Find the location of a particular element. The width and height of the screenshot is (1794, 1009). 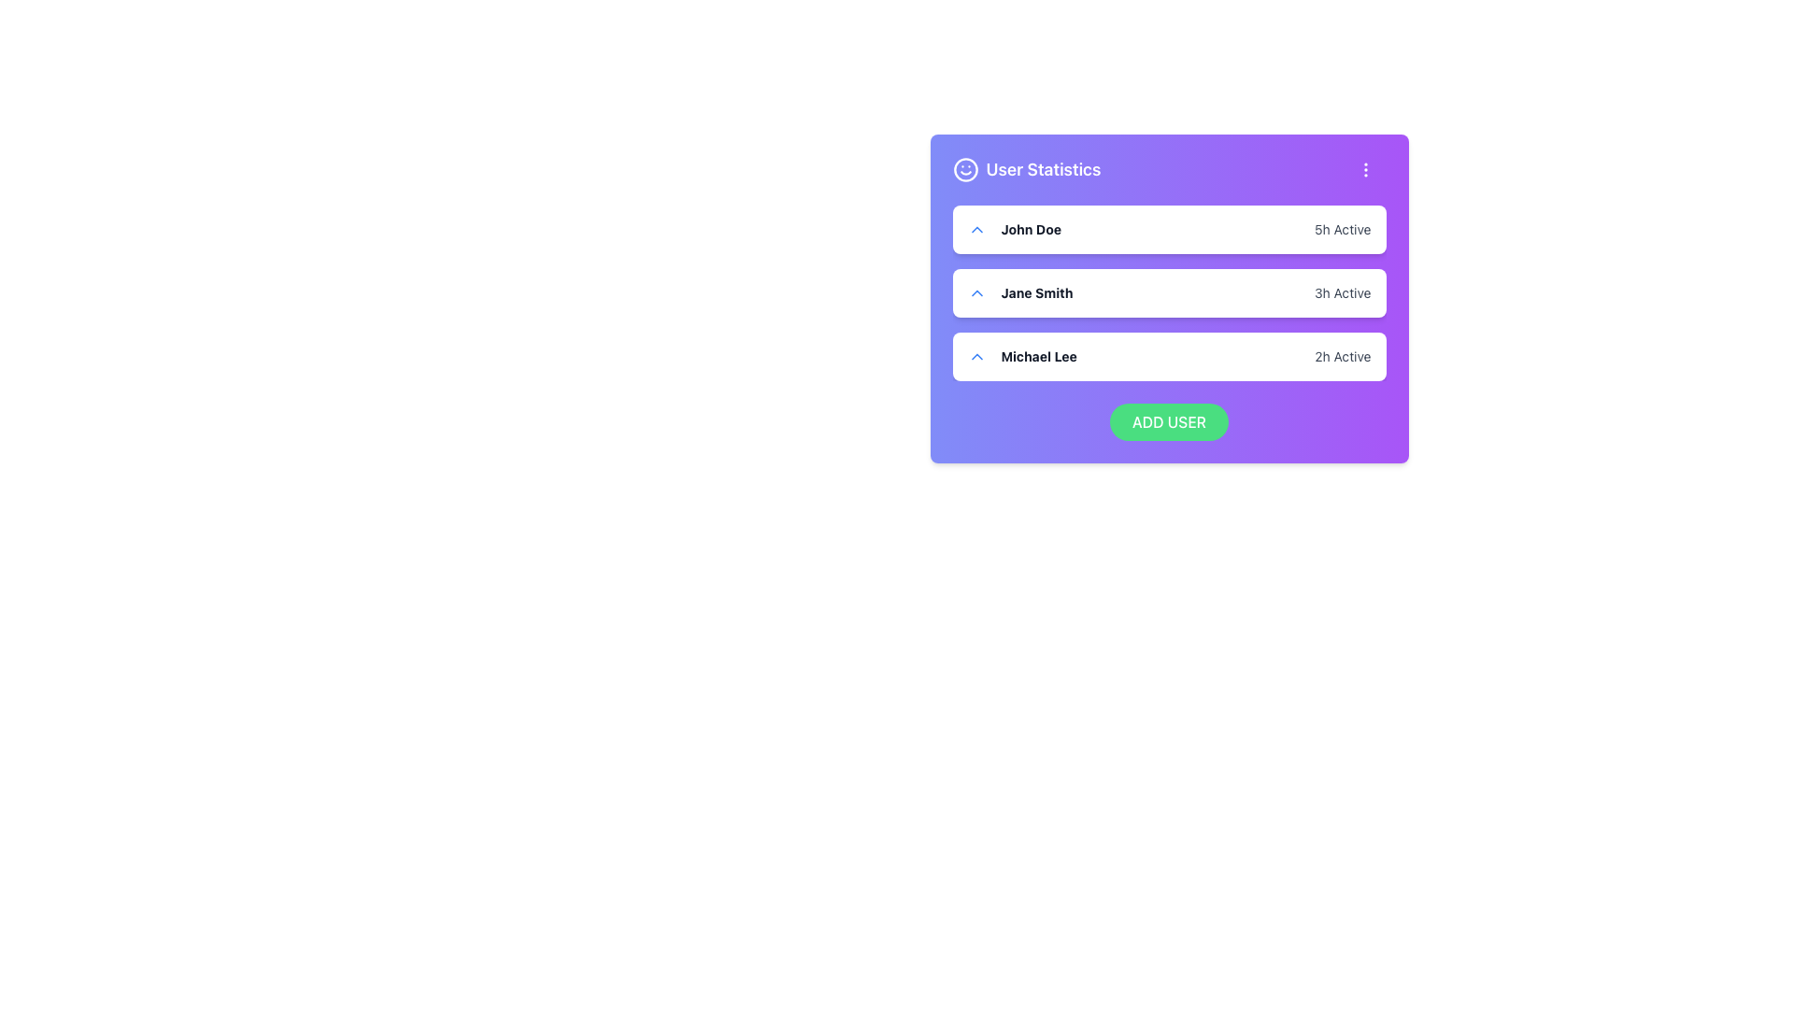

on the text display element showing 'Jane Smith', which is the second entry in a list of user details is located at coordinates (1035, 292).